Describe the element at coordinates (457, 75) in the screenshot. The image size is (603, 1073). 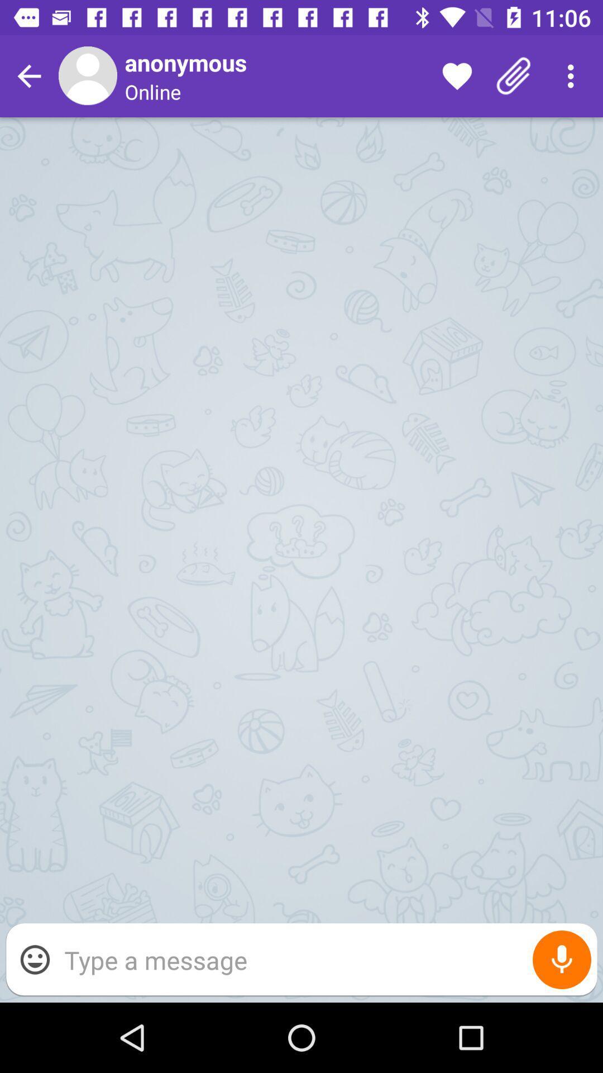
I see `the icon to the right of anonymous item` at that location.